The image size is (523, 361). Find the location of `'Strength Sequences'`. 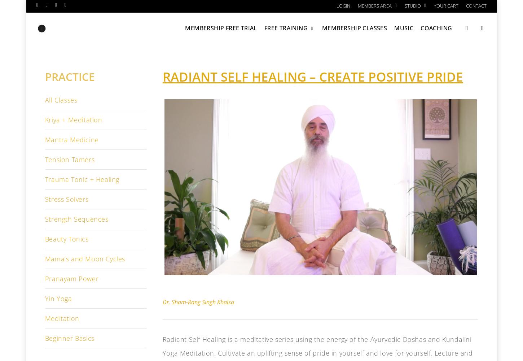

'Strength Sequences' is located at coordinates (76, 219).